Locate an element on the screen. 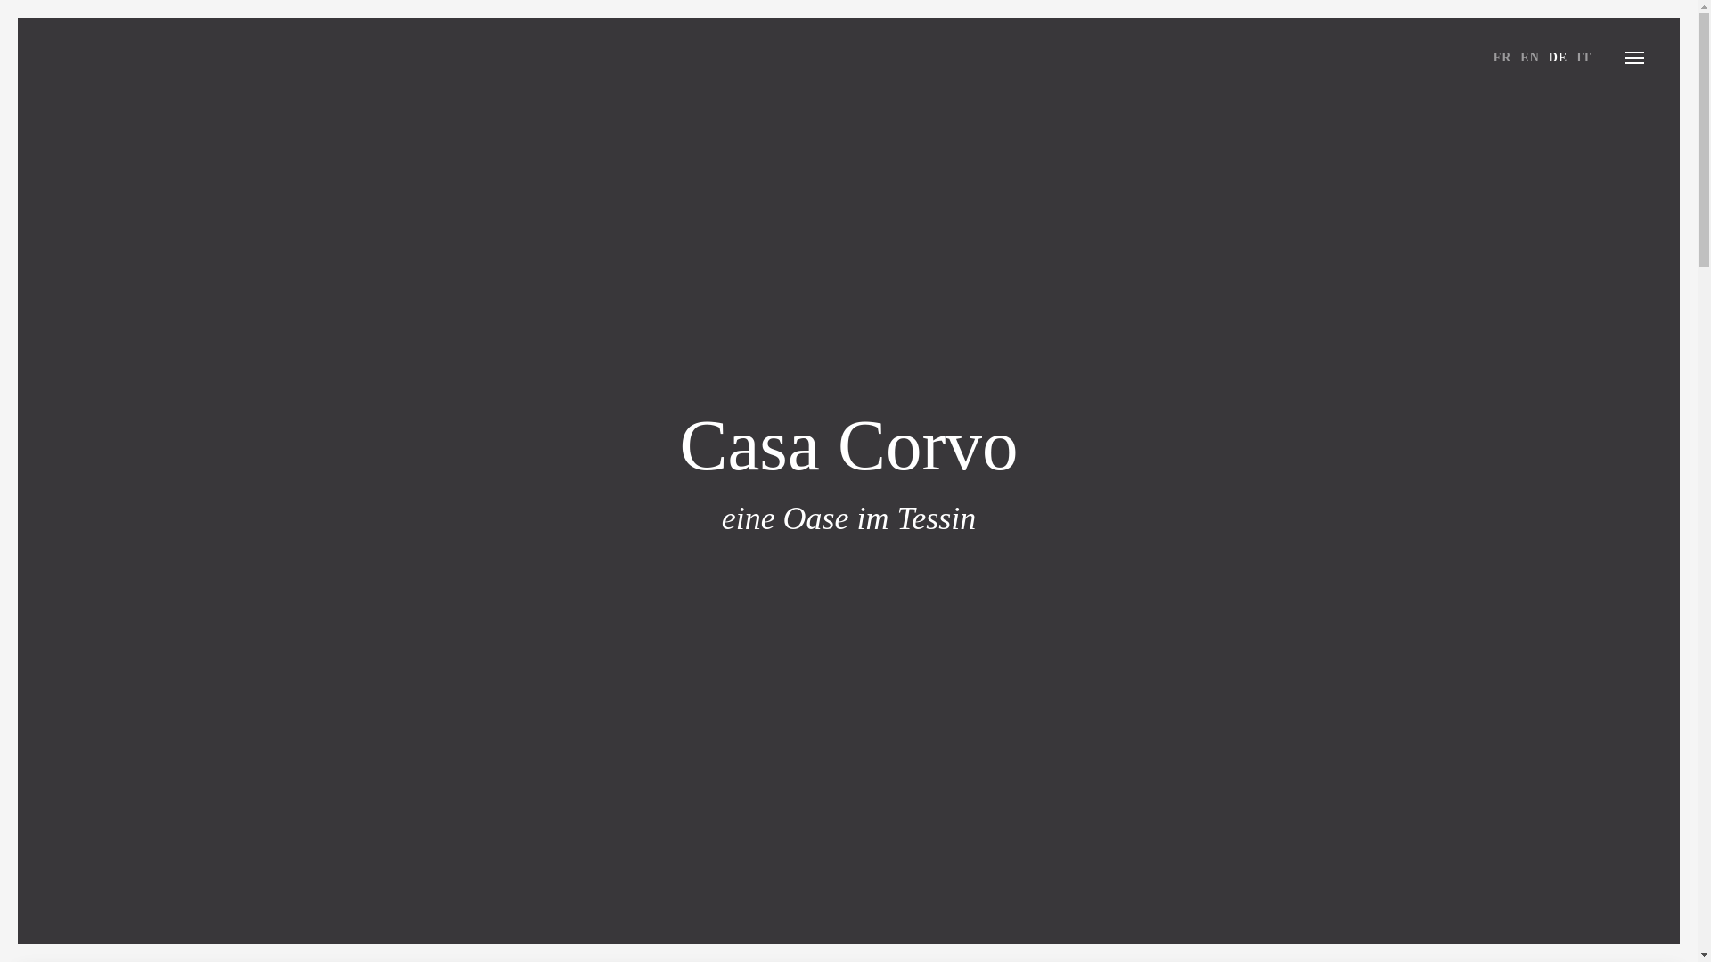 The height and width of the screenshot is (962, 1711). 'DE' is located at coordinates (1557, 56).